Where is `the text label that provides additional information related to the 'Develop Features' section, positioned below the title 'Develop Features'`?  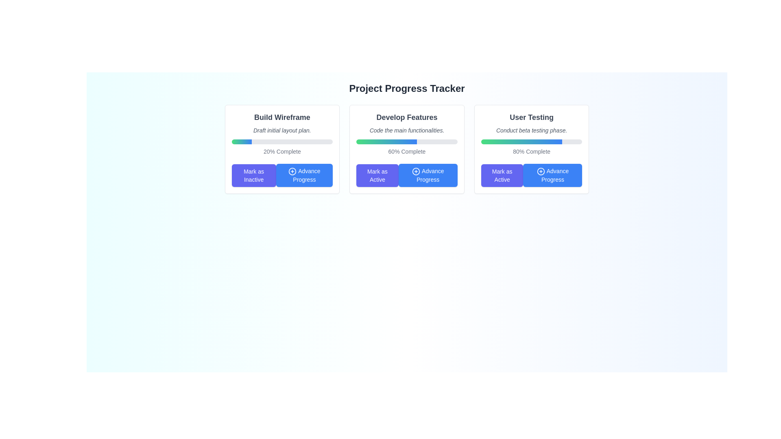
the text label that provides additional information related to the 'Develop Features' section, positioned below the title 'Develop Features' is located at coordinates (407, 130).